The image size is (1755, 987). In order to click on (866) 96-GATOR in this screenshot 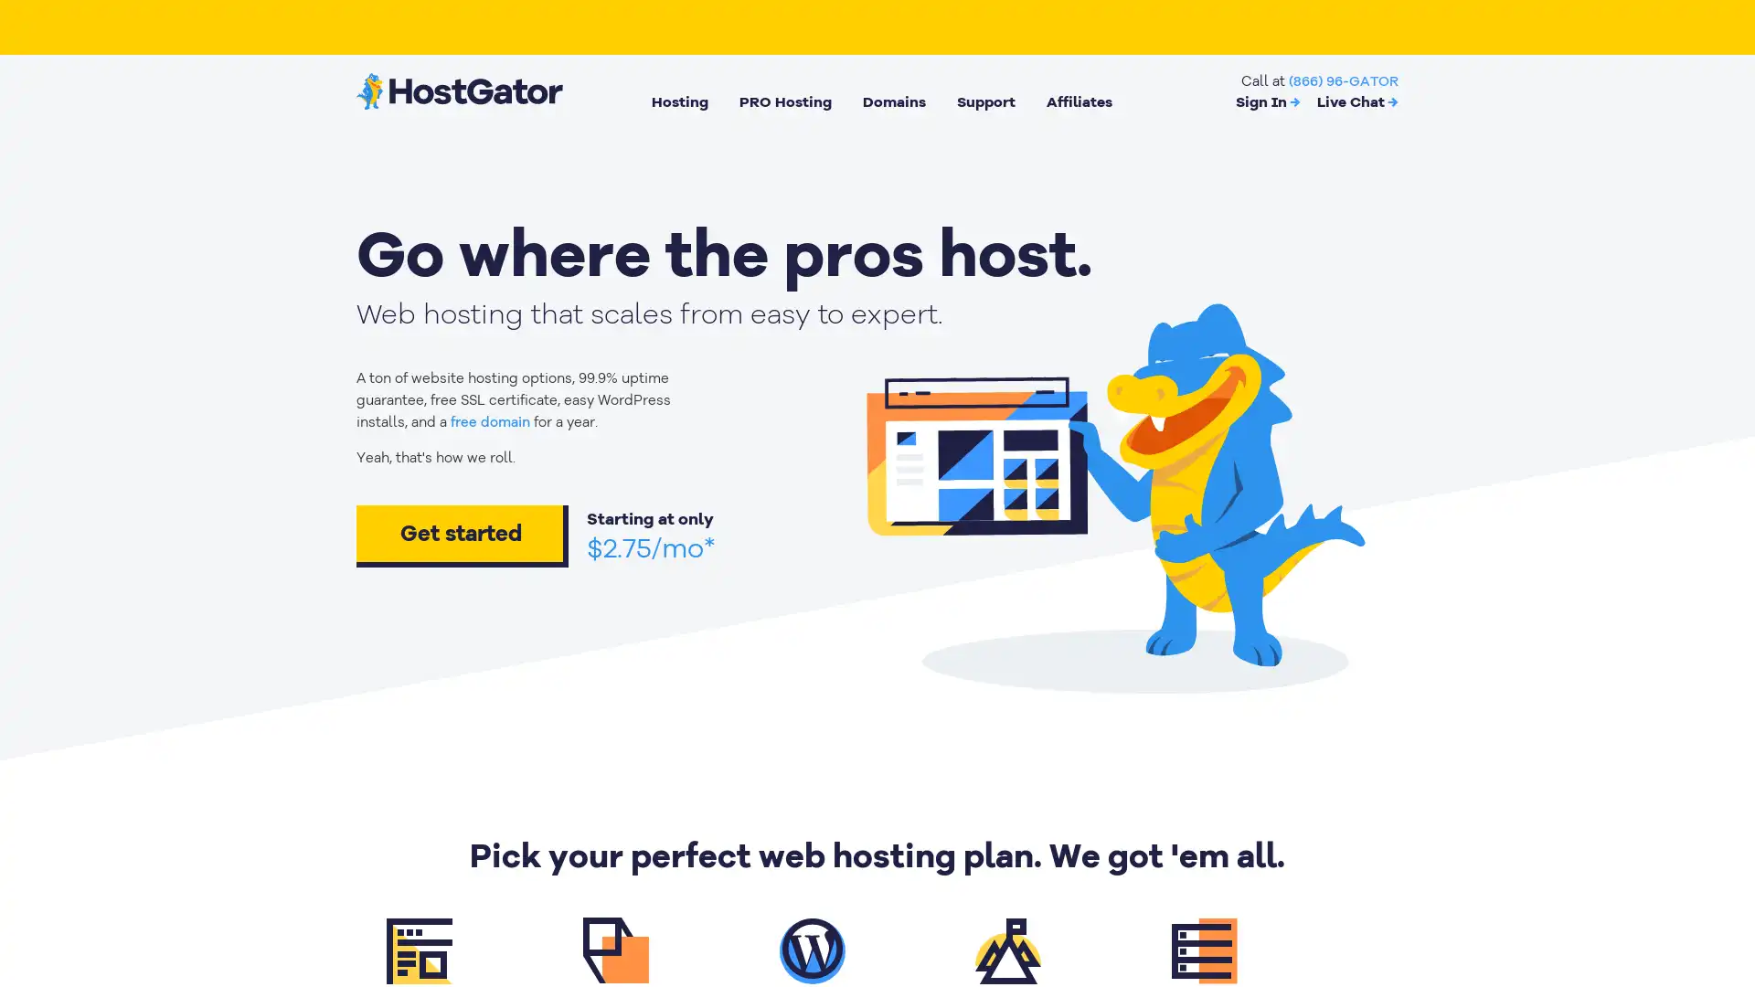, I will do `click(1343, 80)`.